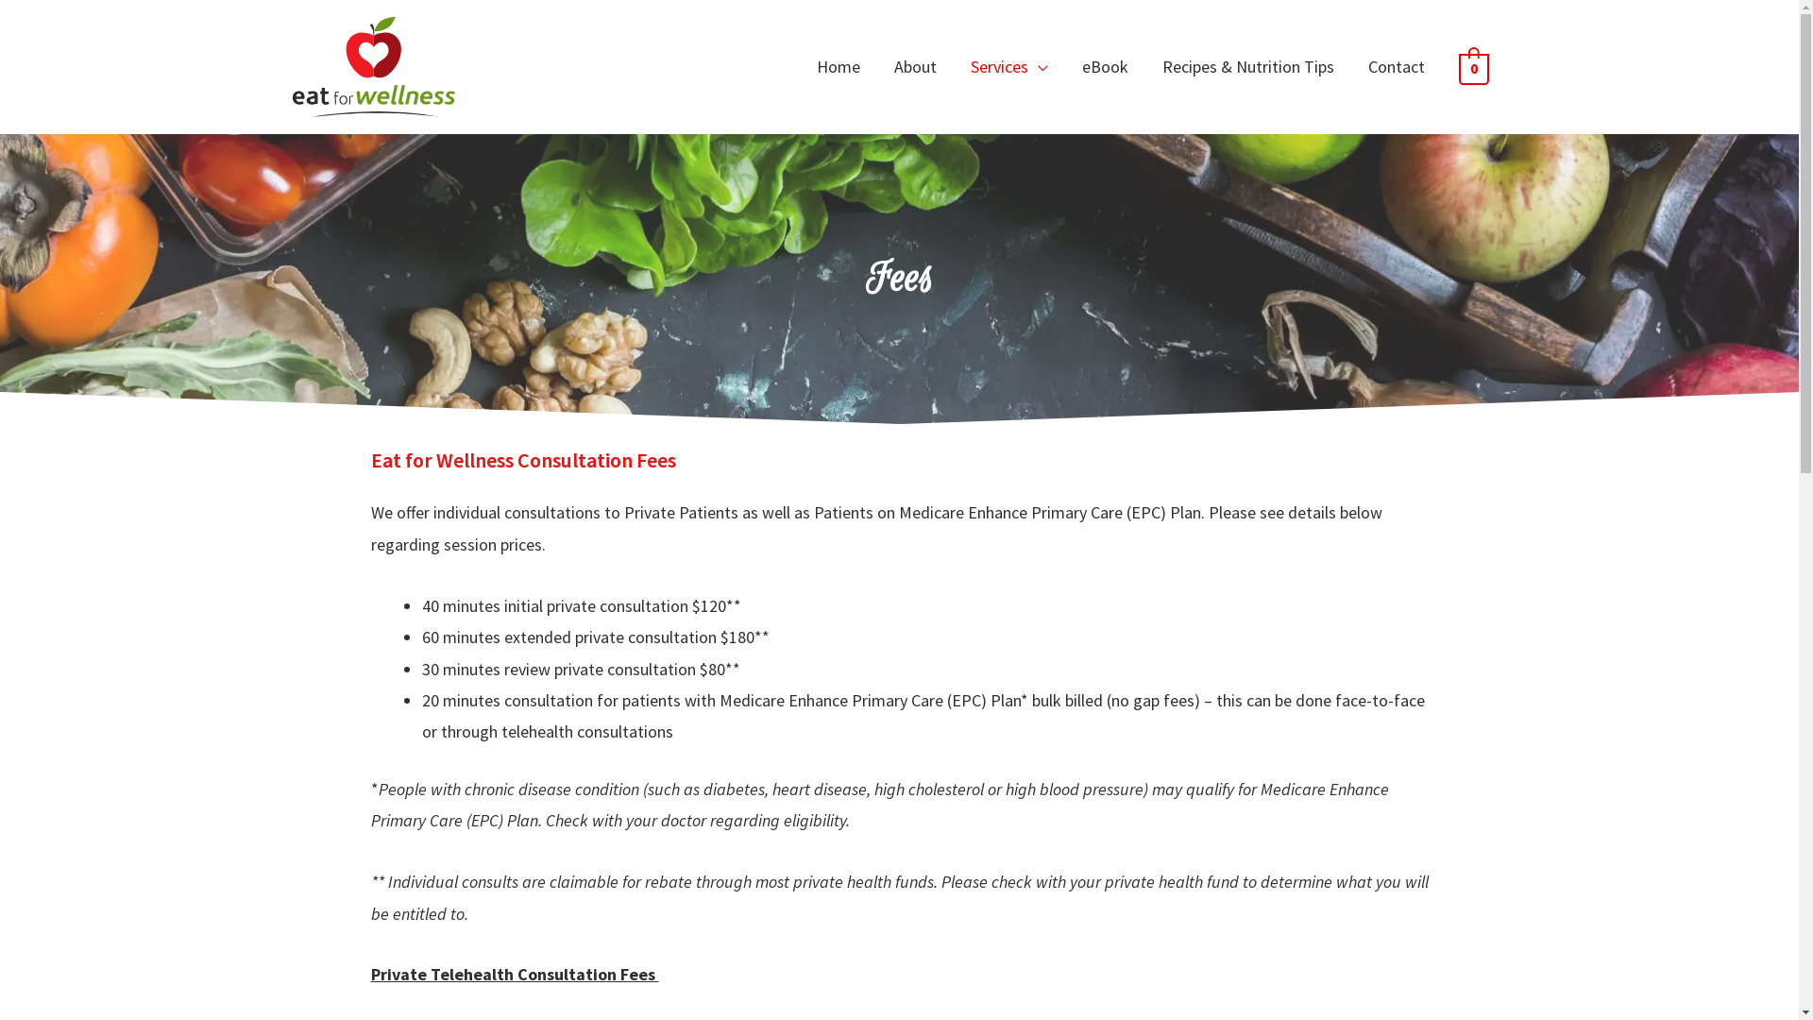 The image size is (1813, 1020). I want to click on 'Home', so click(837, 65).